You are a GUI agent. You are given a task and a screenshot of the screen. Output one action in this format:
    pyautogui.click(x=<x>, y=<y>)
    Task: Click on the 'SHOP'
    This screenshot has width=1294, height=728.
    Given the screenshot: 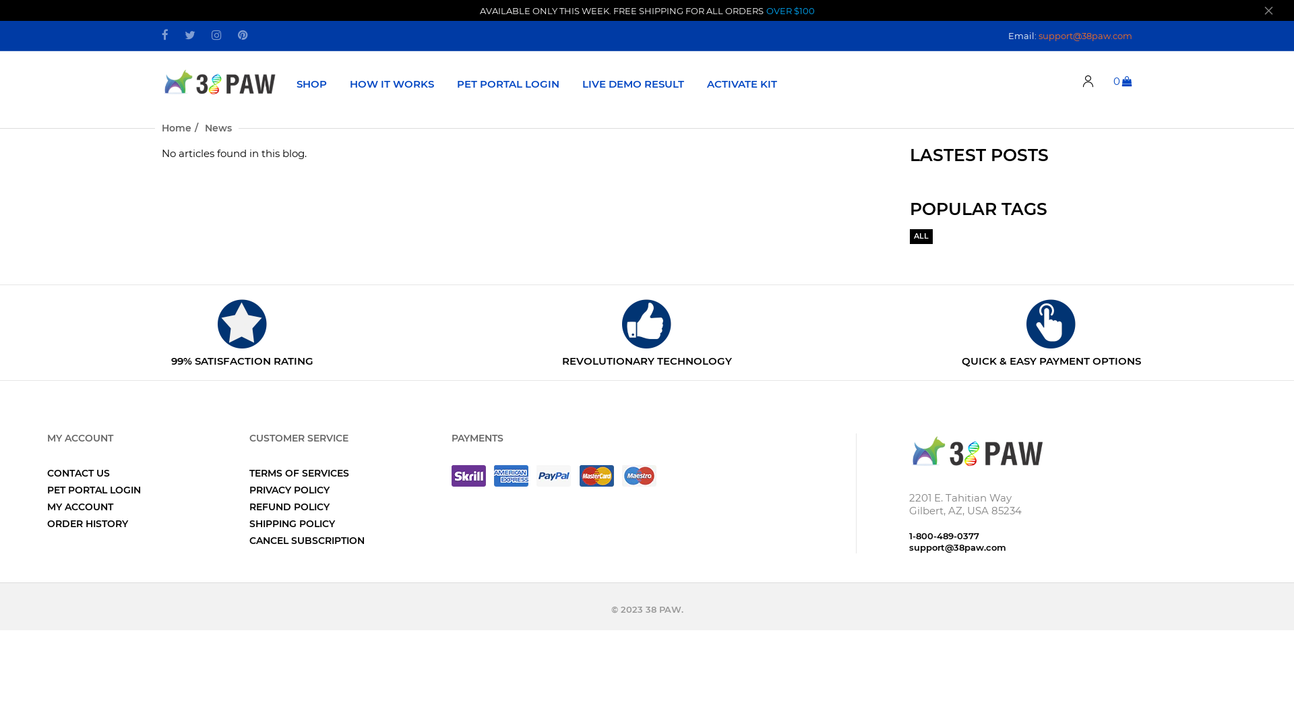 What is the action you would take?
    pyautogui.click(x=311, y=83)
    